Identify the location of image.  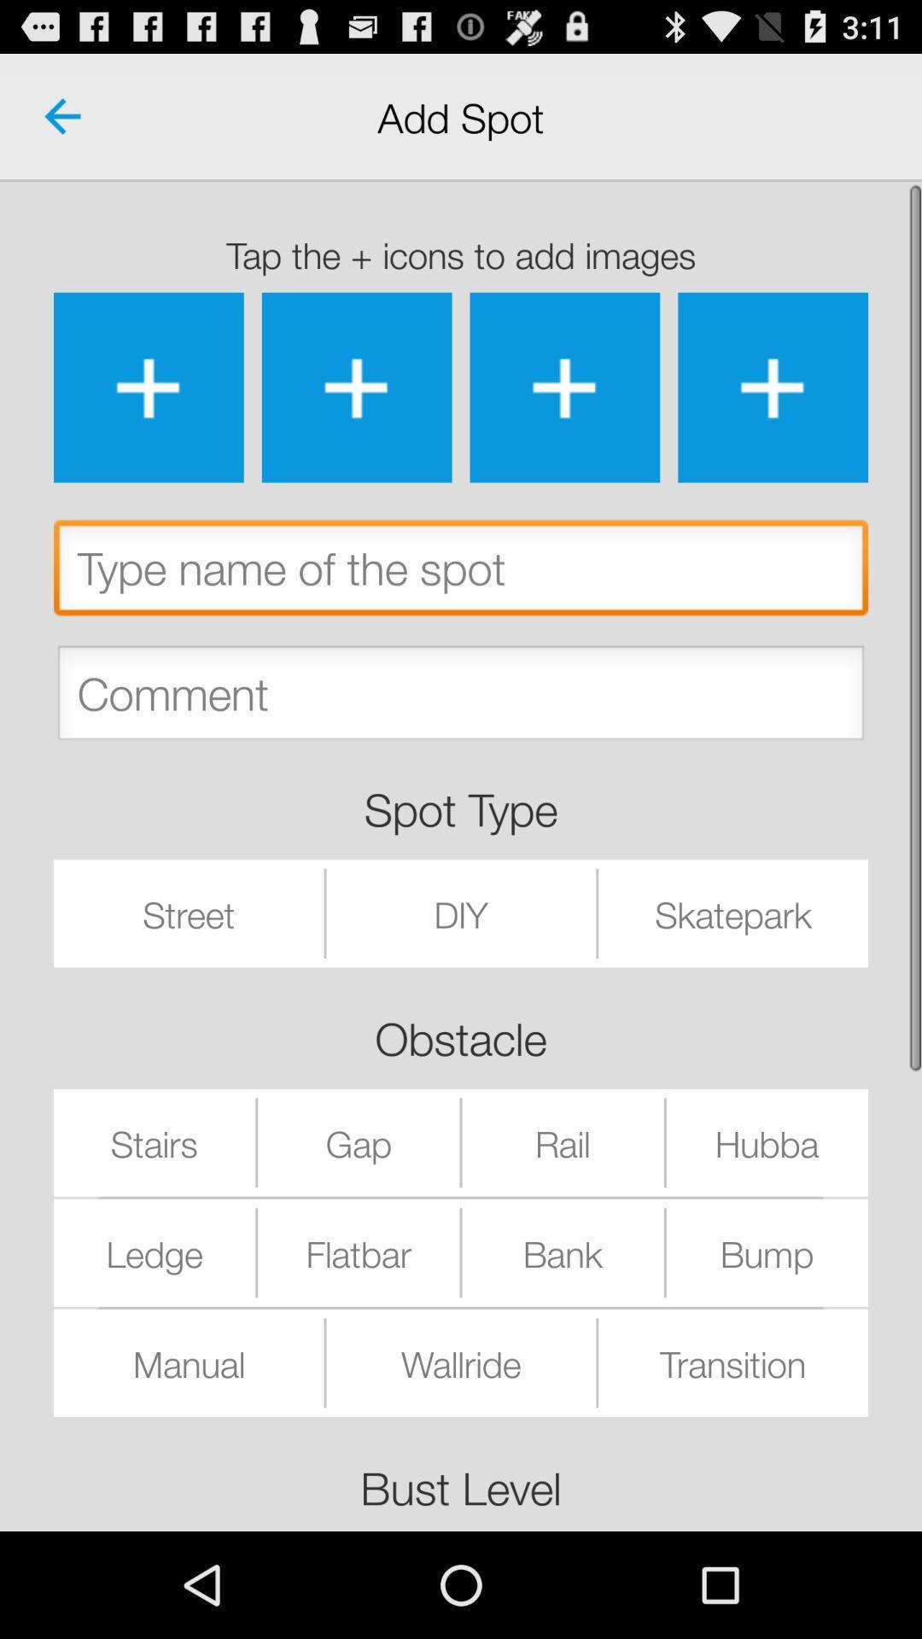
(148, 387).